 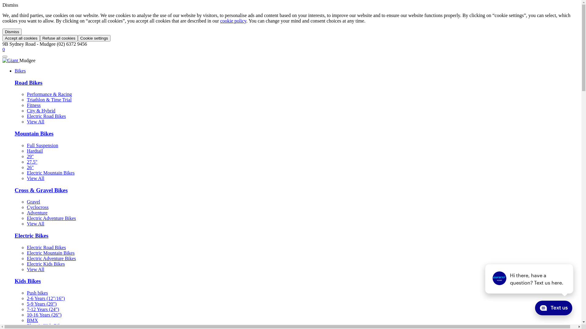 I want to click on '5-9 Years (20")', so click(x=42, y=304).